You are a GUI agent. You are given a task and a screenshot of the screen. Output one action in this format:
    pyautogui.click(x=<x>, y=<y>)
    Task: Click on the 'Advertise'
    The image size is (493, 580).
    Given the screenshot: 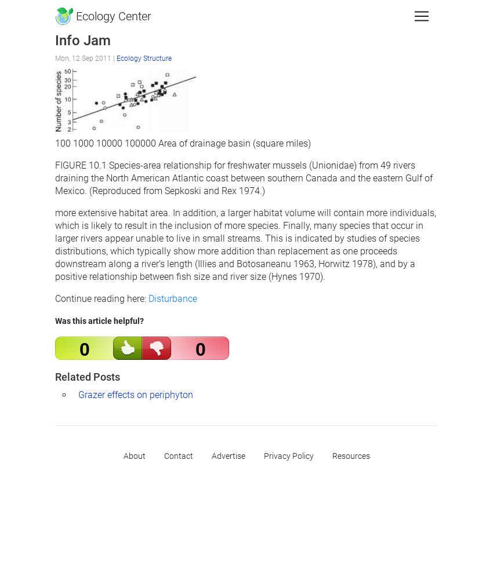 What is the action you would take?
    pyautogui.click(x=228, y=455)
    